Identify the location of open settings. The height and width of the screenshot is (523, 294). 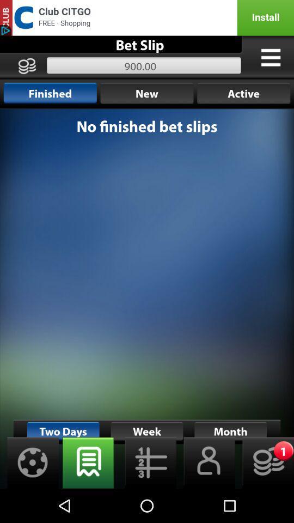
(29, 462).